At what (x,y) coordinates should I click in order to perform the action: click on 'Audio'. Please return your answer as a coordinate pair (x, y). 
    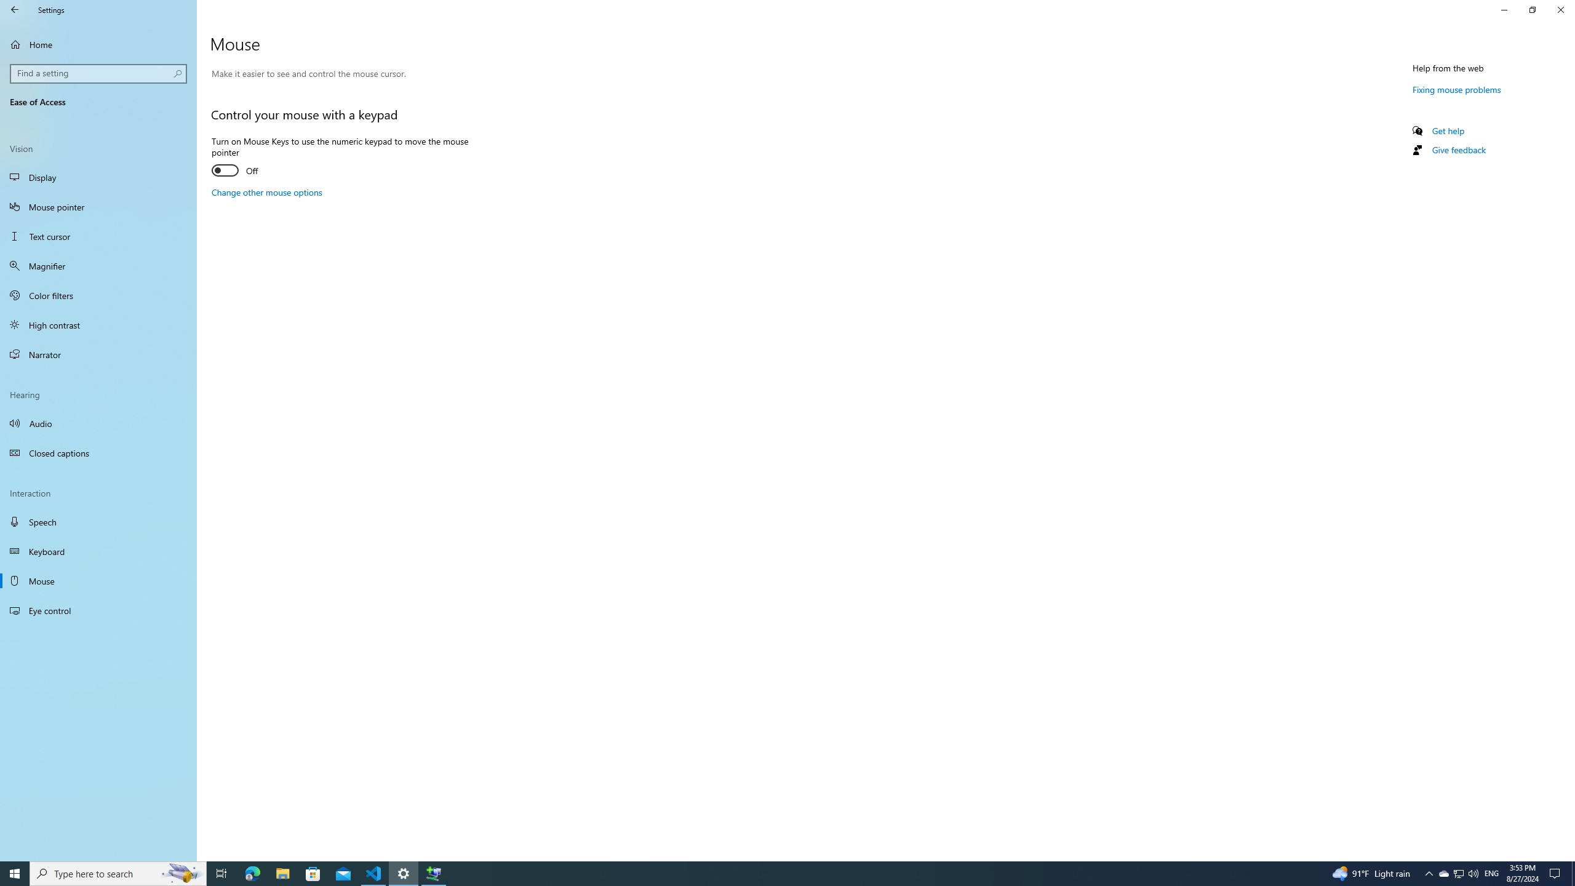
    Looking at the image, I should click on (98, 422).